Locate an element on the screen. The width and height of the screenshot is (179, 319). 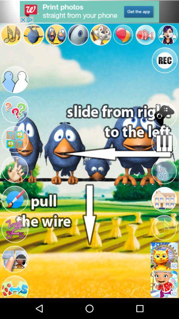
option is located at coordinates (89, 11).